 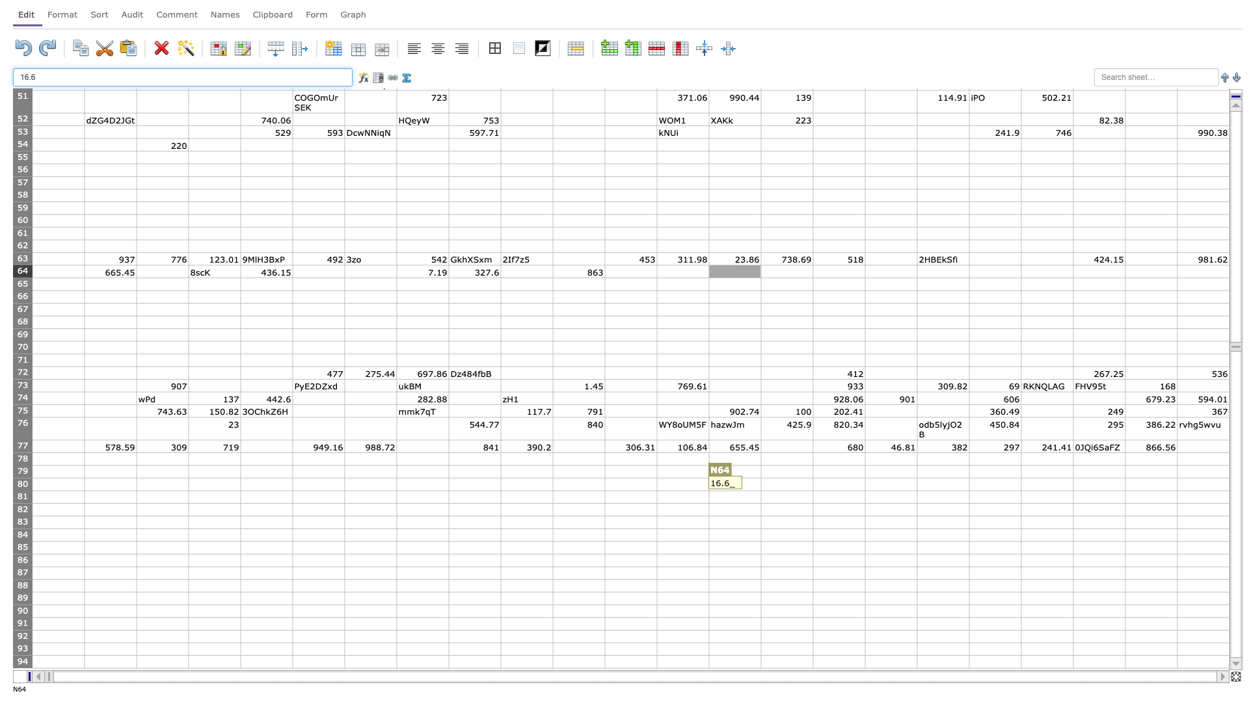 What do you see at coordinates (761, 478) in the screenshot?
I see `top left corner of O80` at bounding box center [761, 478].